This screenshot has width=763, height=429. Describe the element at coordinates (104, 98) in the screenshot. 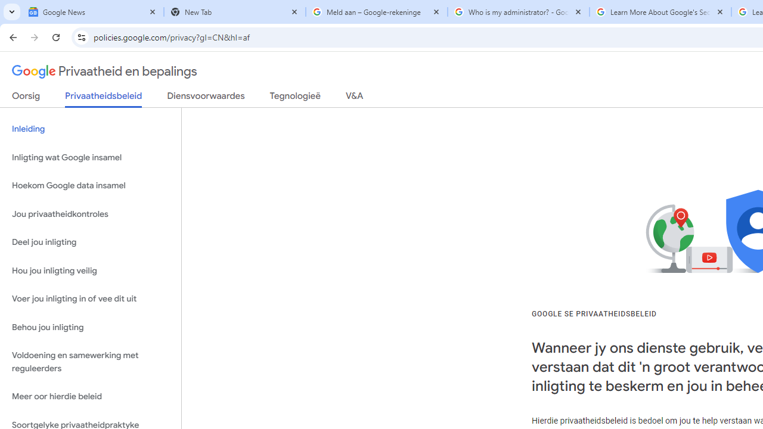

I see `'Privaatheidsbeleid'` at that location.